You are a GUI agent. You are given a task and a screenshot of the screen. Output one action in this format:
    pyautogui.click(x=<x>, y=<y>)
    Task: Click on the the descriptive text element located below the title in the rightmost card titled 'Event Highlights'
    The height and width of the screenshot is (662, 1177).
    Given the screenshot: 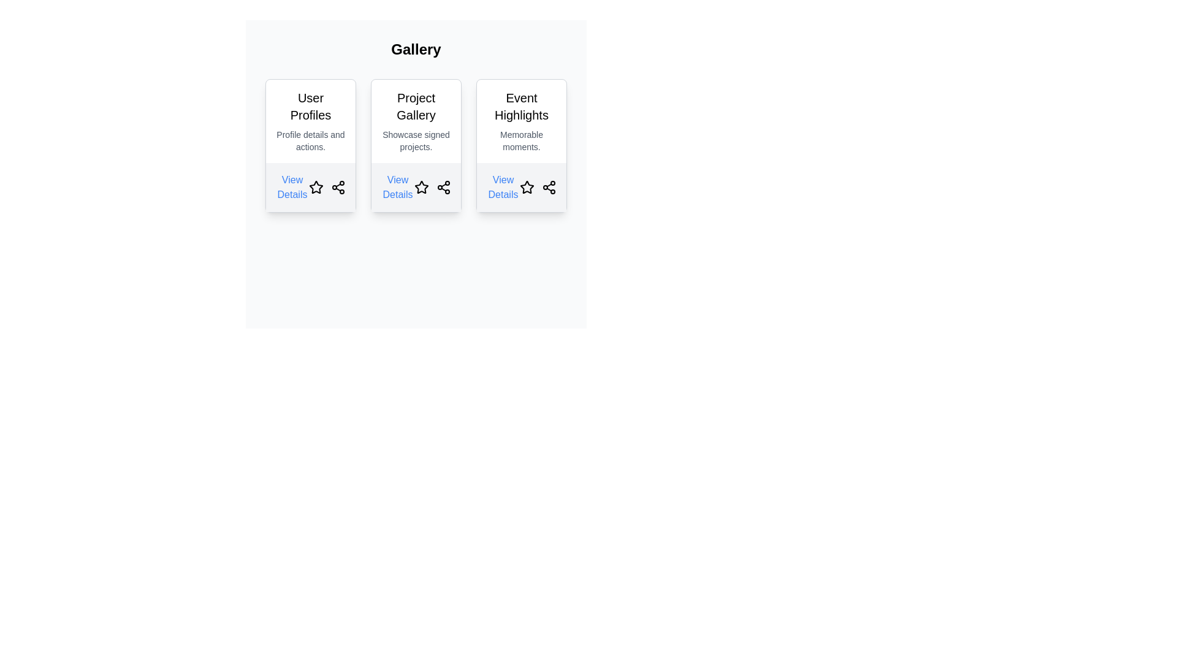 What is the action you would take?
    pyautogui.click(x=521, y=140)
    